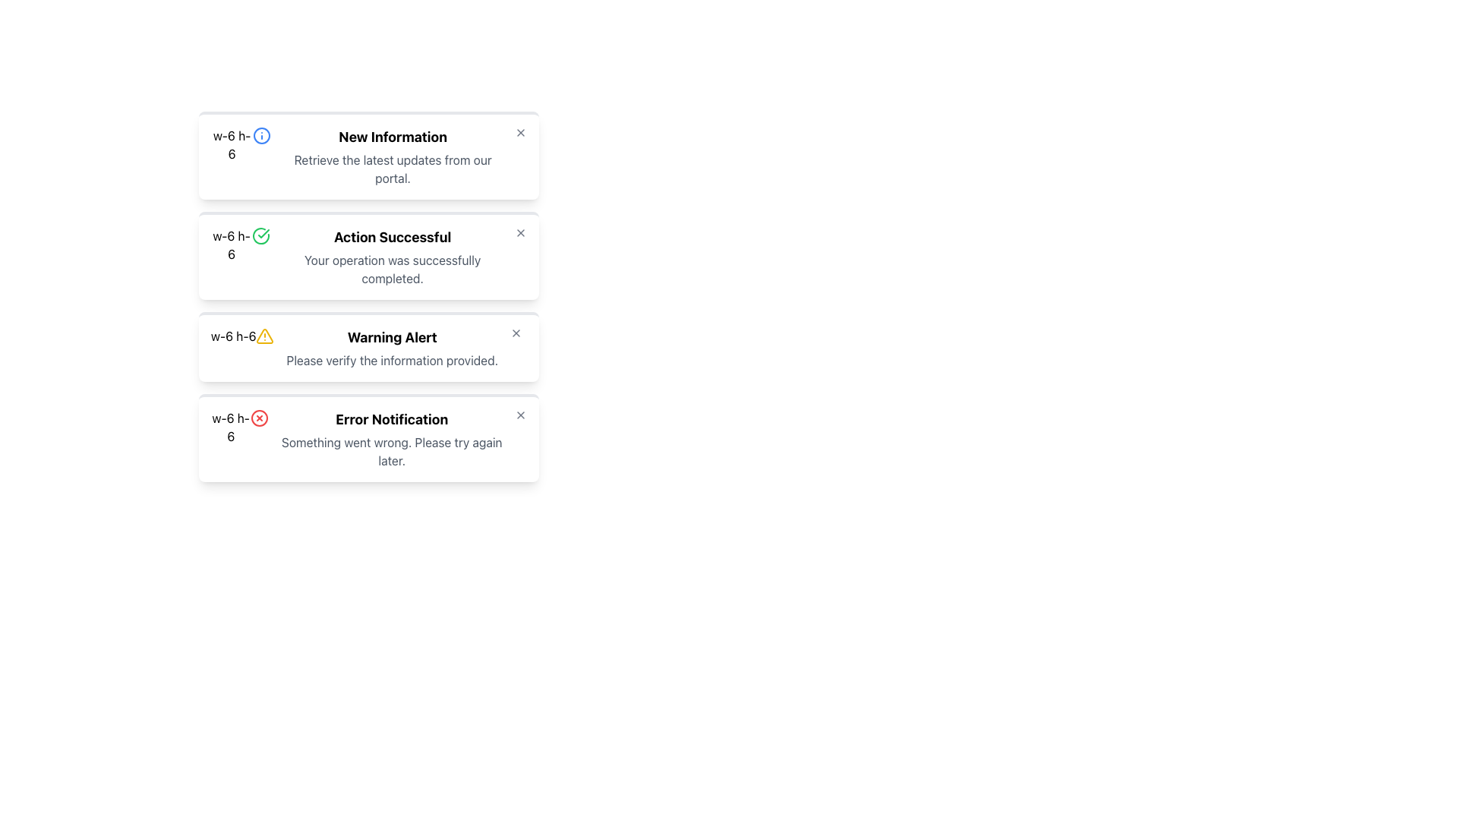 The width and height of the screenshot is (1458, 820). I want to click on the Text Label that serves as the title of the notification indicating the success of the user's action, so click(393, 237).